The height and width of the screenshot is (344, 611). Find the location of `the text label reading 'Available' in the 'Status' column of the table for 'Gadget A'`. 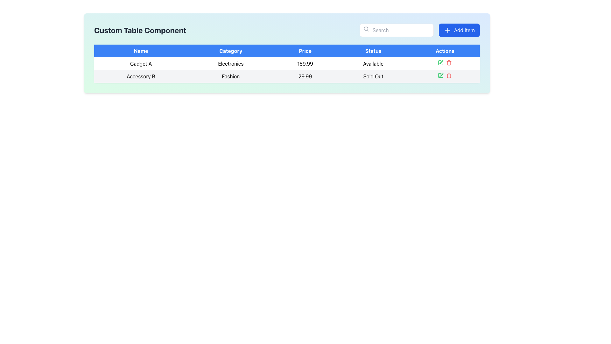

the text label reading 'Available' in the 'Status' column of the table for 'Gadget A' is located at coordinates (373, 64).